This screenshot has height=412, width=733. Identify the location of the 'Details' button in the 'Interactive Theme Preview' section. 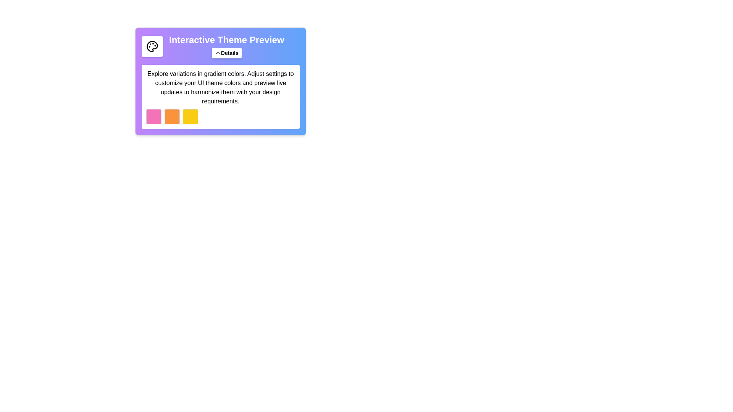
(226, 46).